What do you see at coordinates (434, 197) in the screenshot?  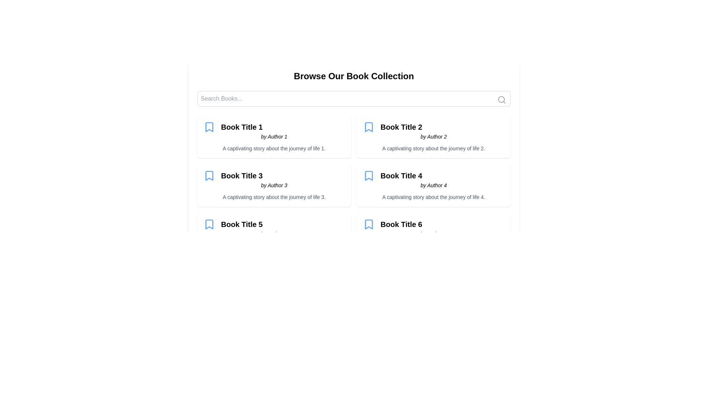 I see `text element that displays 'A captivating story about the journey of life 4.' which is styled in a small, gray font and located beneath the author's name in the Book Title 4 section` at bounding box center [434, 197].